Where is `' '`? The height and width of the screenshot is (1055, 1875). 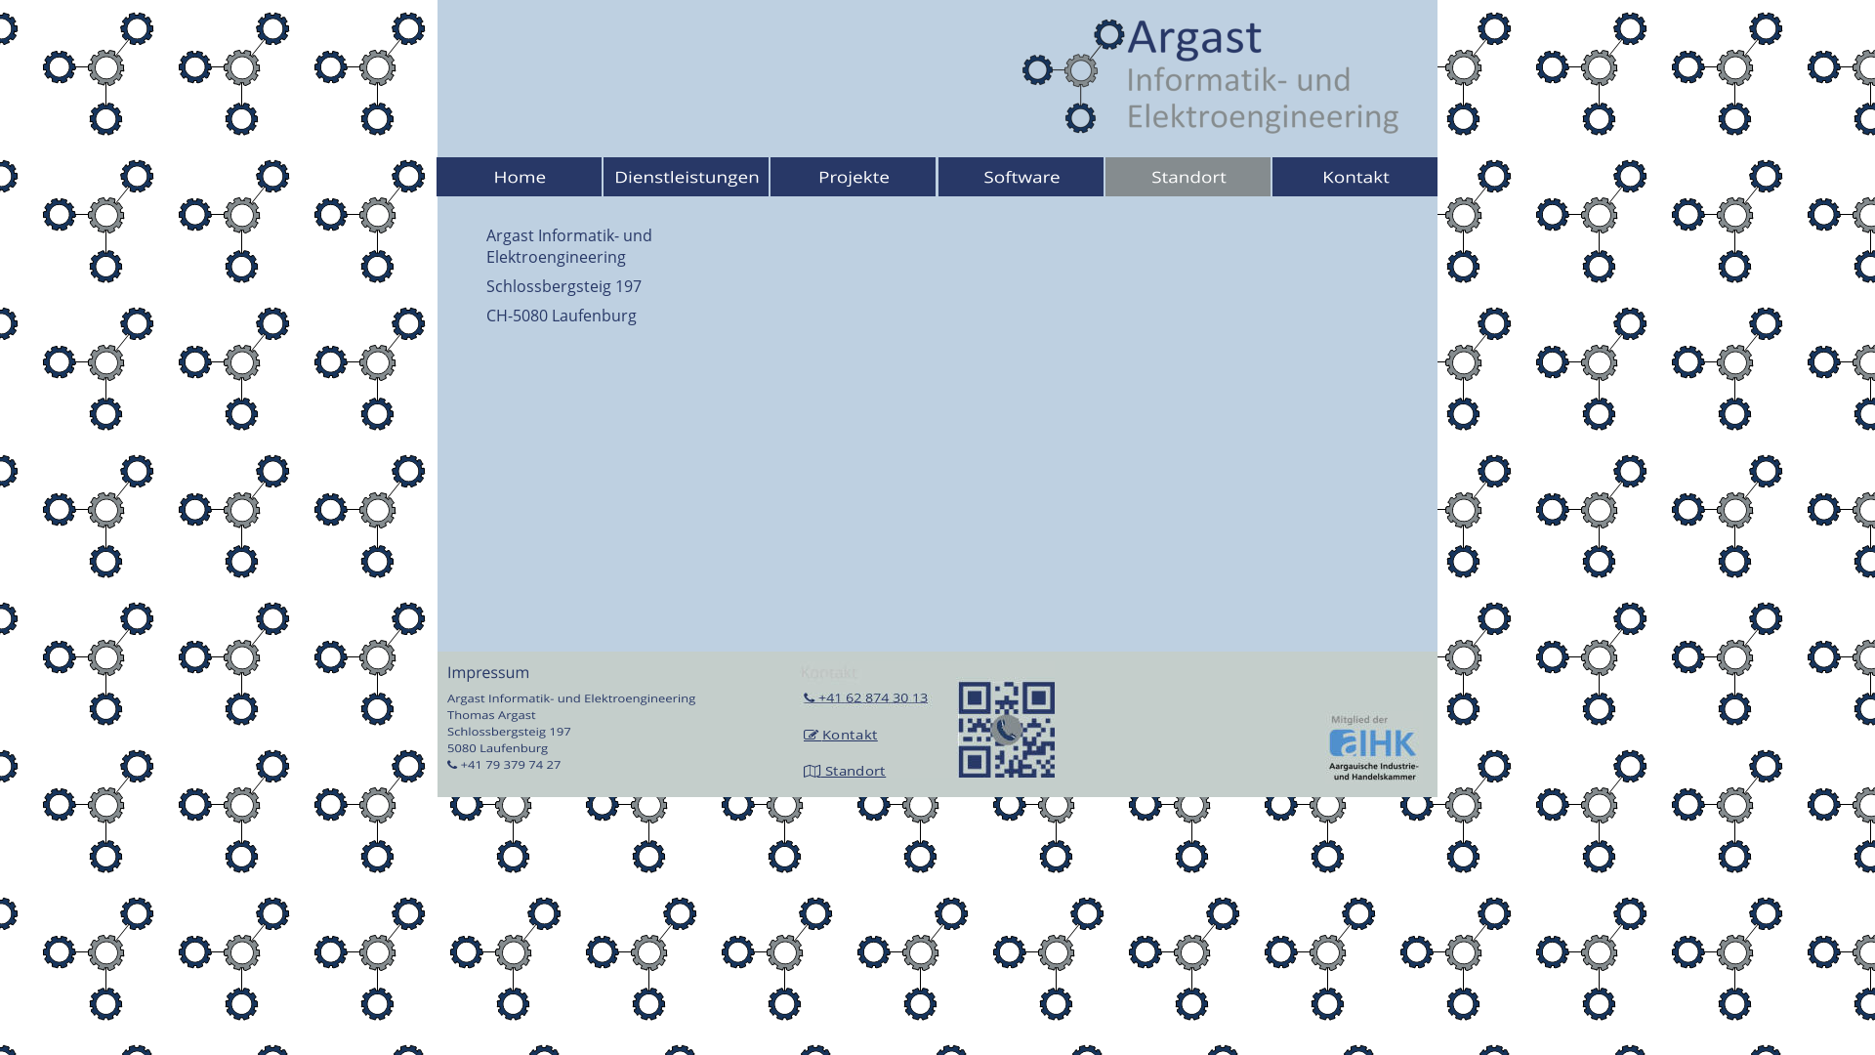 ' ' is located at coordinates (820, 735).